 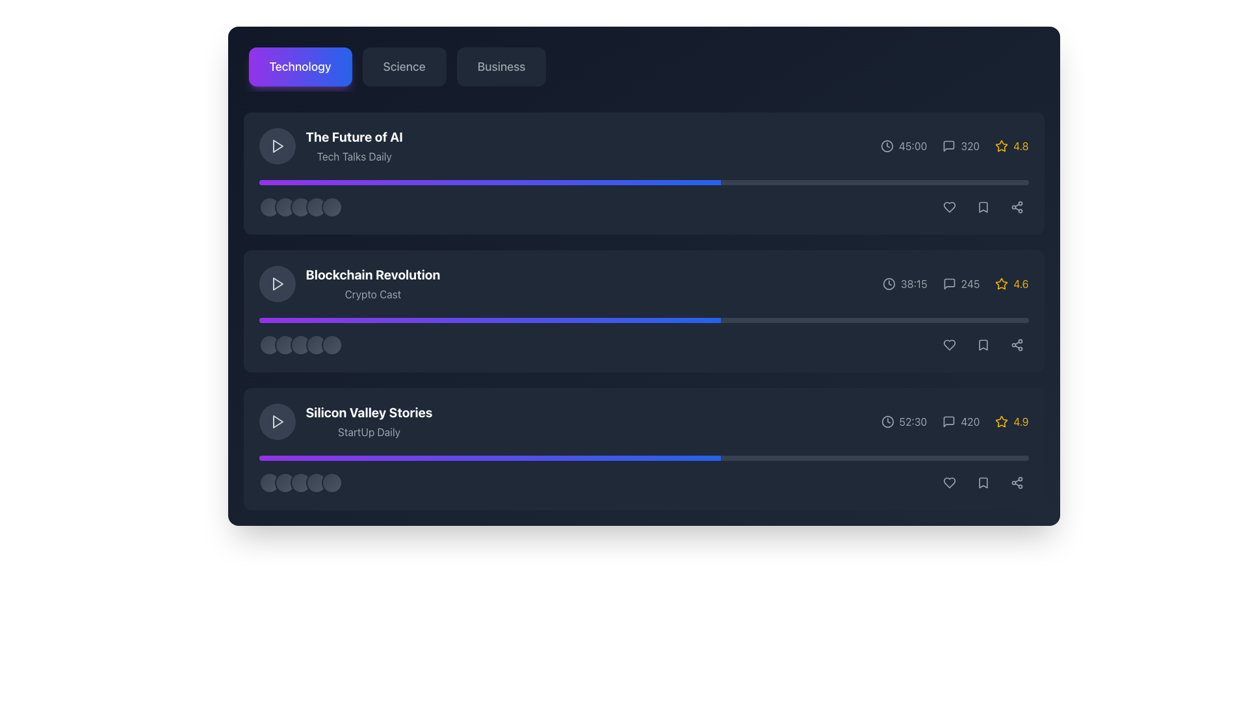 I want to click on the star icon representing a rating of 4.6, located at the mid-right part of the second content card in the list, so click(x=1001, y=283).